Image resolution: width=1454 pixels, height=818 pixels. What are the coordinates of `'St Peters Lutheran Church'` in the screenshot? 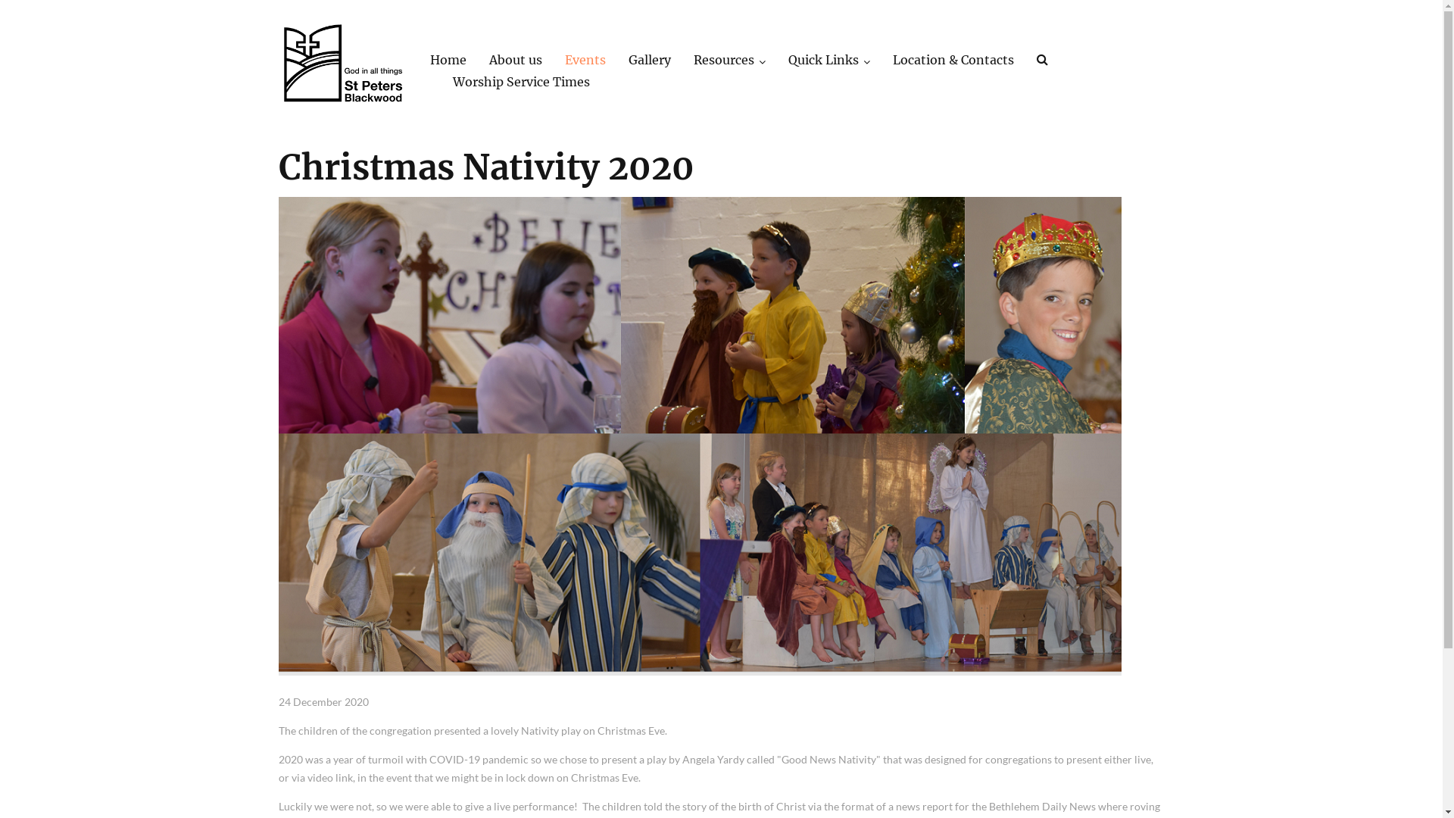 It's located at (342, 62).